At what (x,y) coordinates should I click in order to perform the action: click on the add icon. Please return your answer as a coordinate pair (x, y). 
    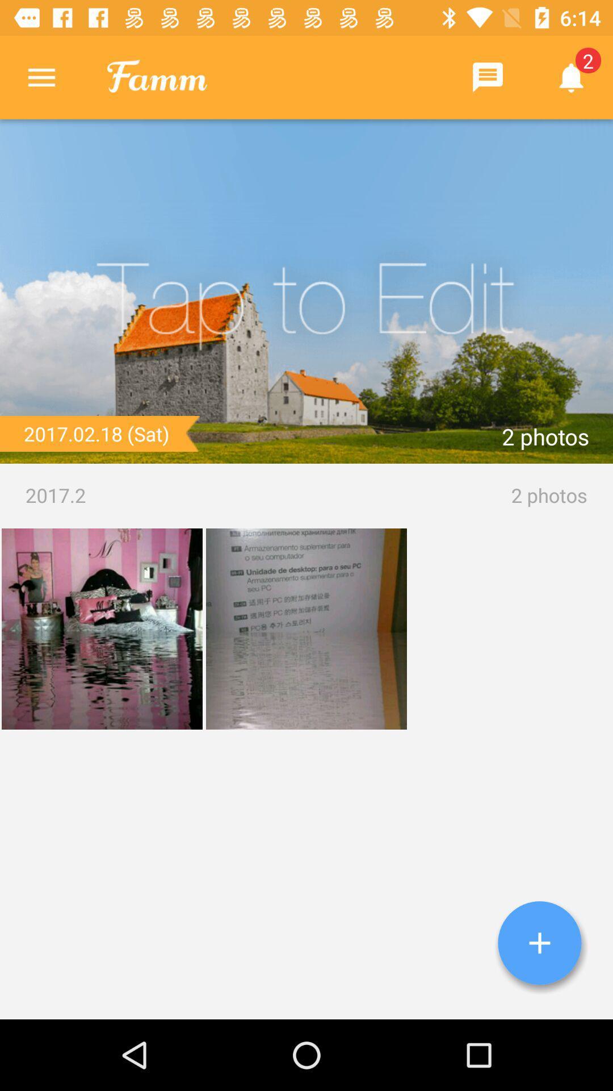
    Looking at the image, I should click on (539, 943).